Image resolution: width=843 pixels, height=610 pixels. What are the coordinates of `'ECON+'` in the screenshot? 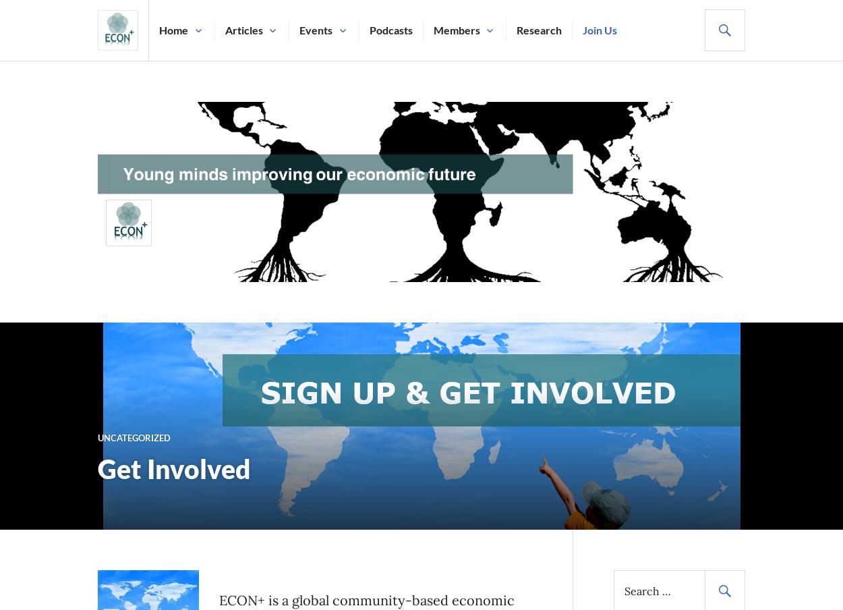 It's located at (116, 71).